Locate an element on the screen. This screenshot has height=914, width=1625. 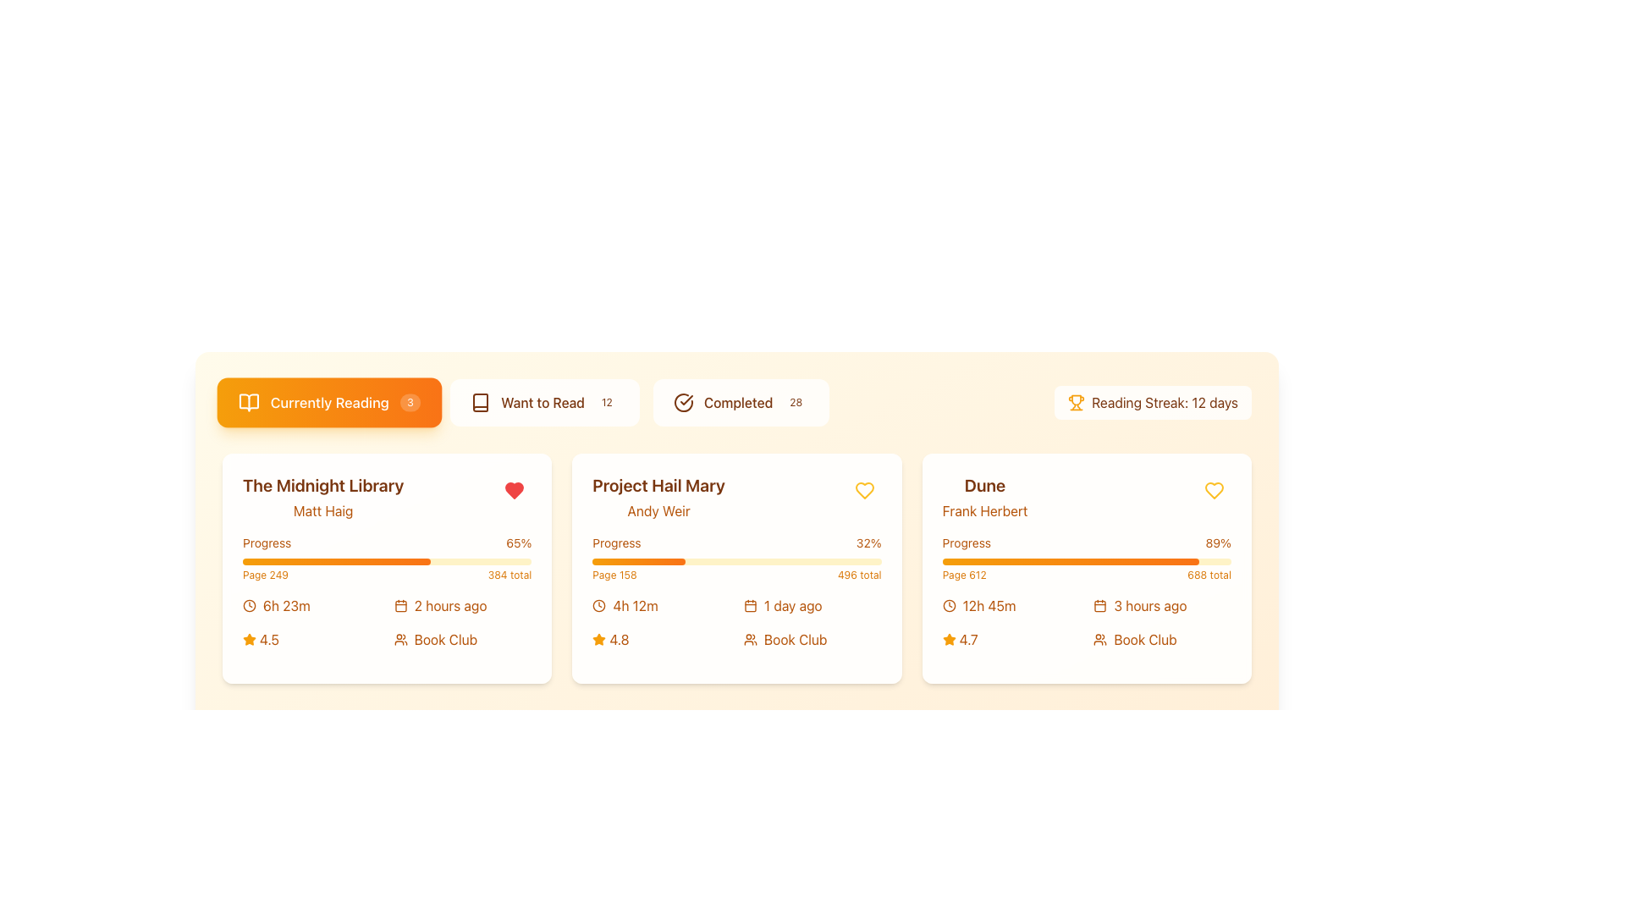
title and author information displayed in the Text display element located in the first card of the 'Currently Reading' section is located at coordinates (323, 496).